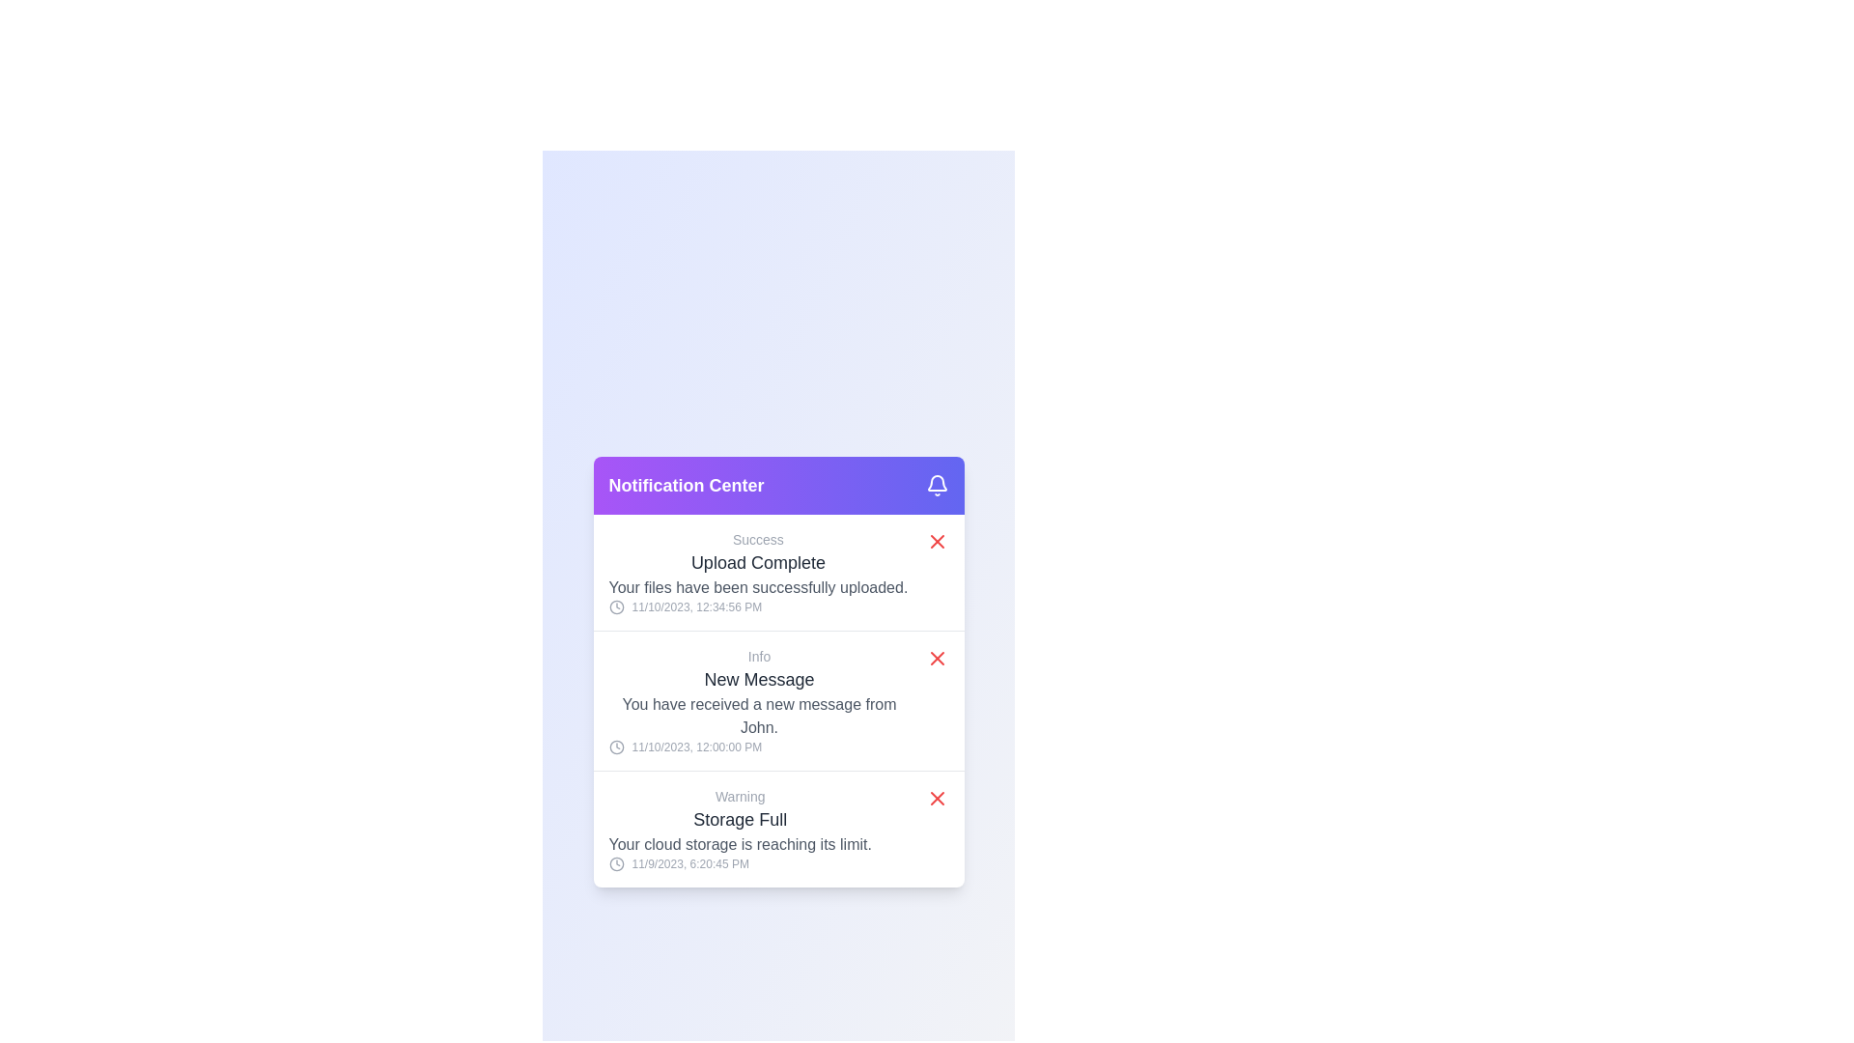 The width and height of the screenshot is (1854, 1043). Describe the element at coordinates (739, 797) in the screenshot. I see `the Text label that indicates the type or urgency level of the message in the notification block, located above the title 'Storage Full'` at that location.